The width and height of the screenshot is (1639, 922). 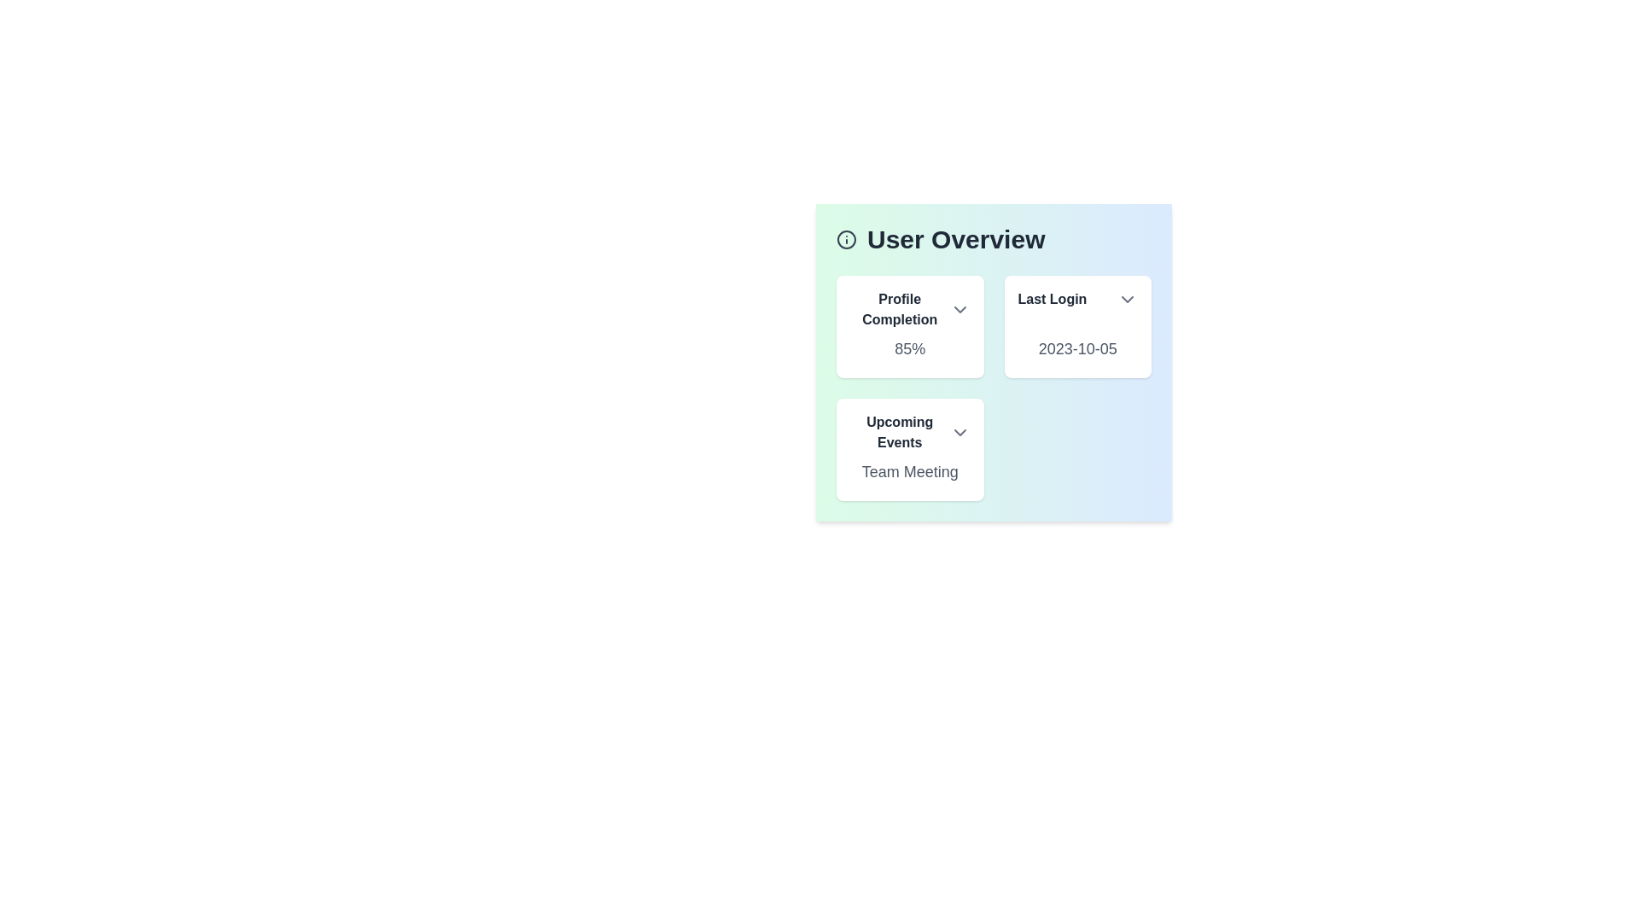 What do you see at coordinates (909, 449) in the screenshot?
I see `the informational card displaying the upcoming event 'Team Meeting' located in the lower-left section under the 'User Overview' heading` at bounding box center [909, 449].